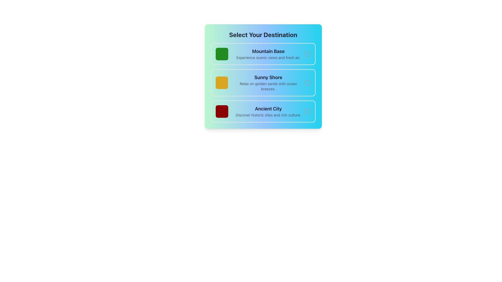 The height and width of the screenshot is (282, 502). I want to click on the Text Label that provides descriptive information about the selection option 'Mountain Base', located below the header text within the selection card, so click(268, 57).